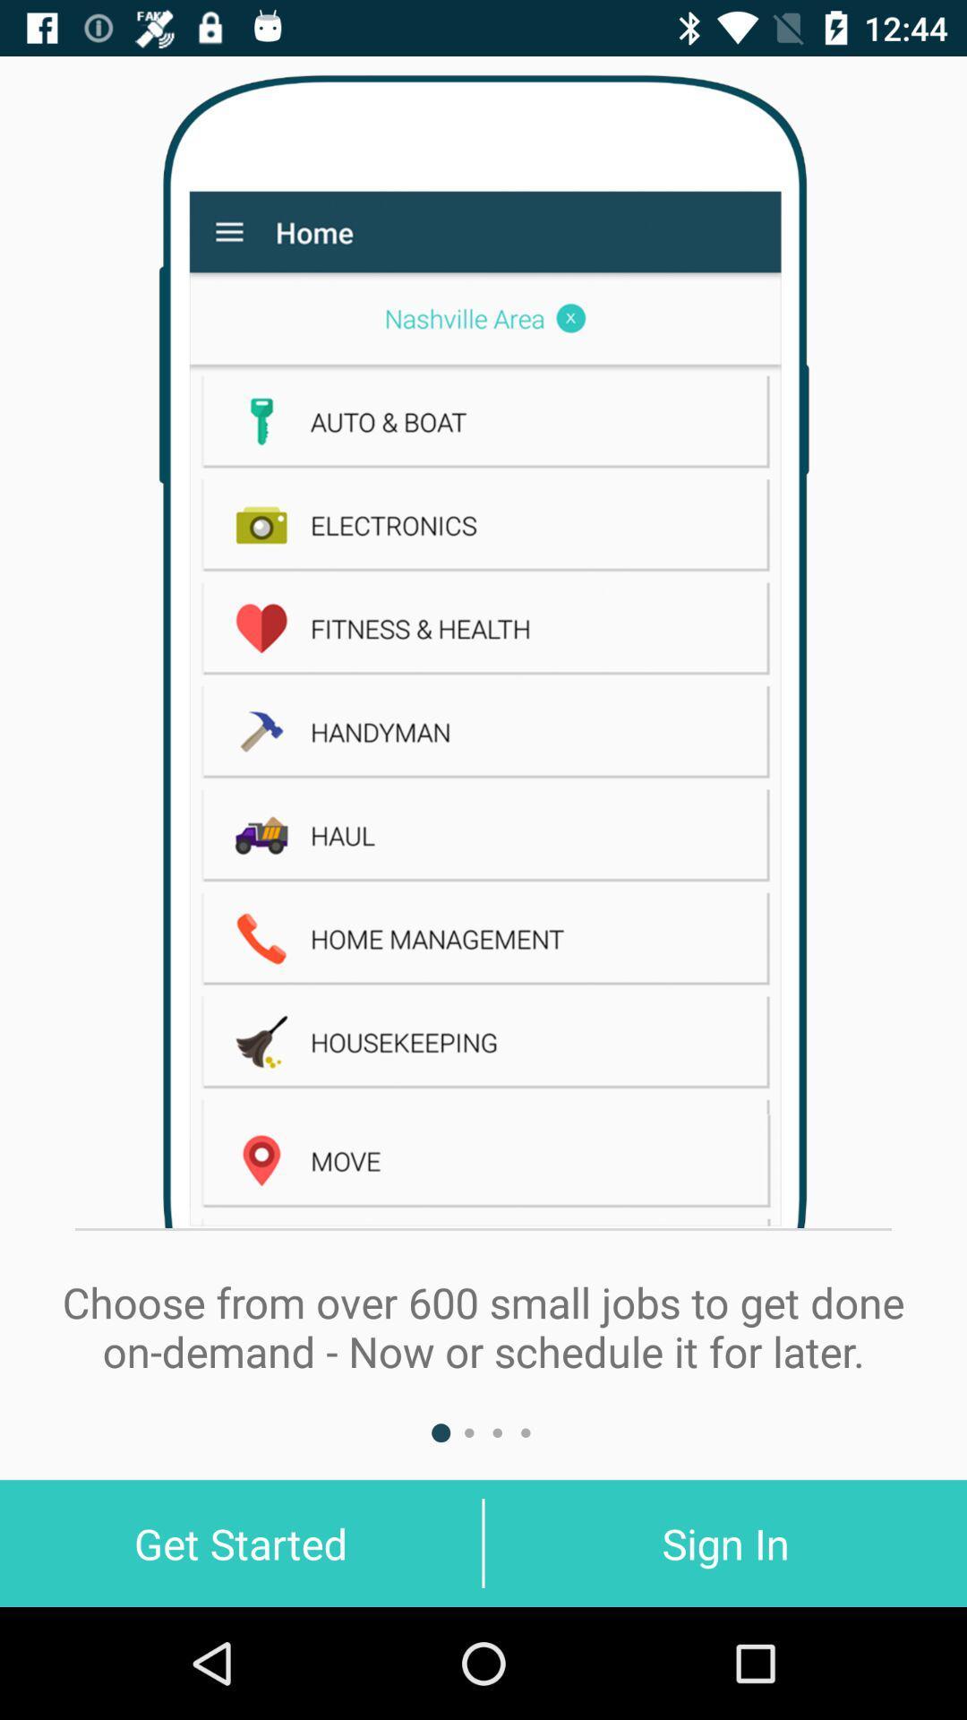 The height and width of the screenshot is (1720, 967). Describe the element at coordinates (725, 1543) in the screenshot. I see `the sign in item` at that location.